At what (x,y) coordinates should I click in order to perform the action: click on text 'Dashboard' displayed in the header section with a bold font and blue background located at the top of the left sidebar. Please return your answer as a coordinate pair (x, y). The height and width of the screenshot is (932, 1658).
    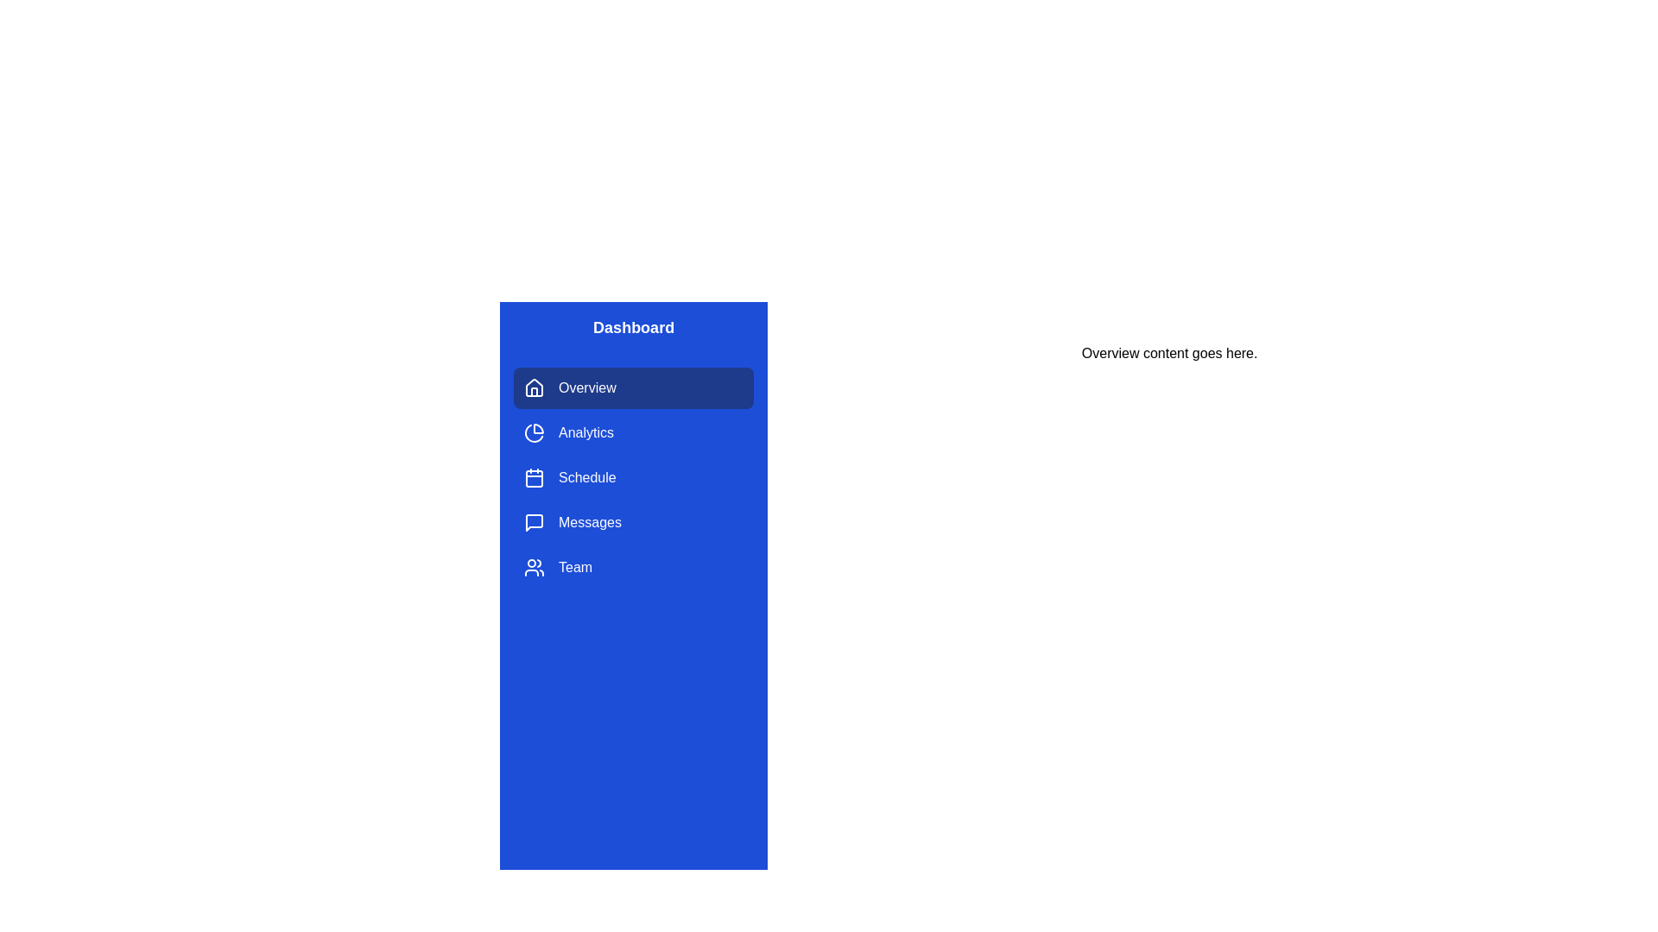
    Looking at the image, I should click on (633, 328).